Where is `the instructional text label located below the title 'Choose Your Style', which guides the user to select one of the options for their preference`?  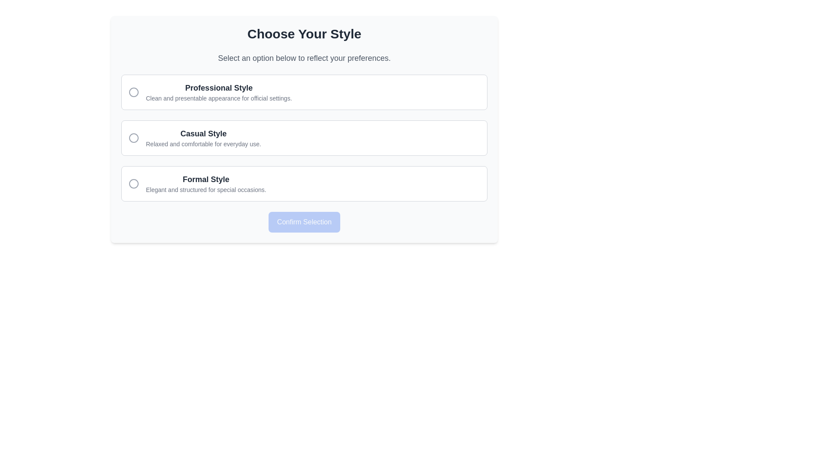 the instructional text label located below the title 'Choose Your Style', which guides the user to select one of the options for their preference is located at coordinates (304, 58).